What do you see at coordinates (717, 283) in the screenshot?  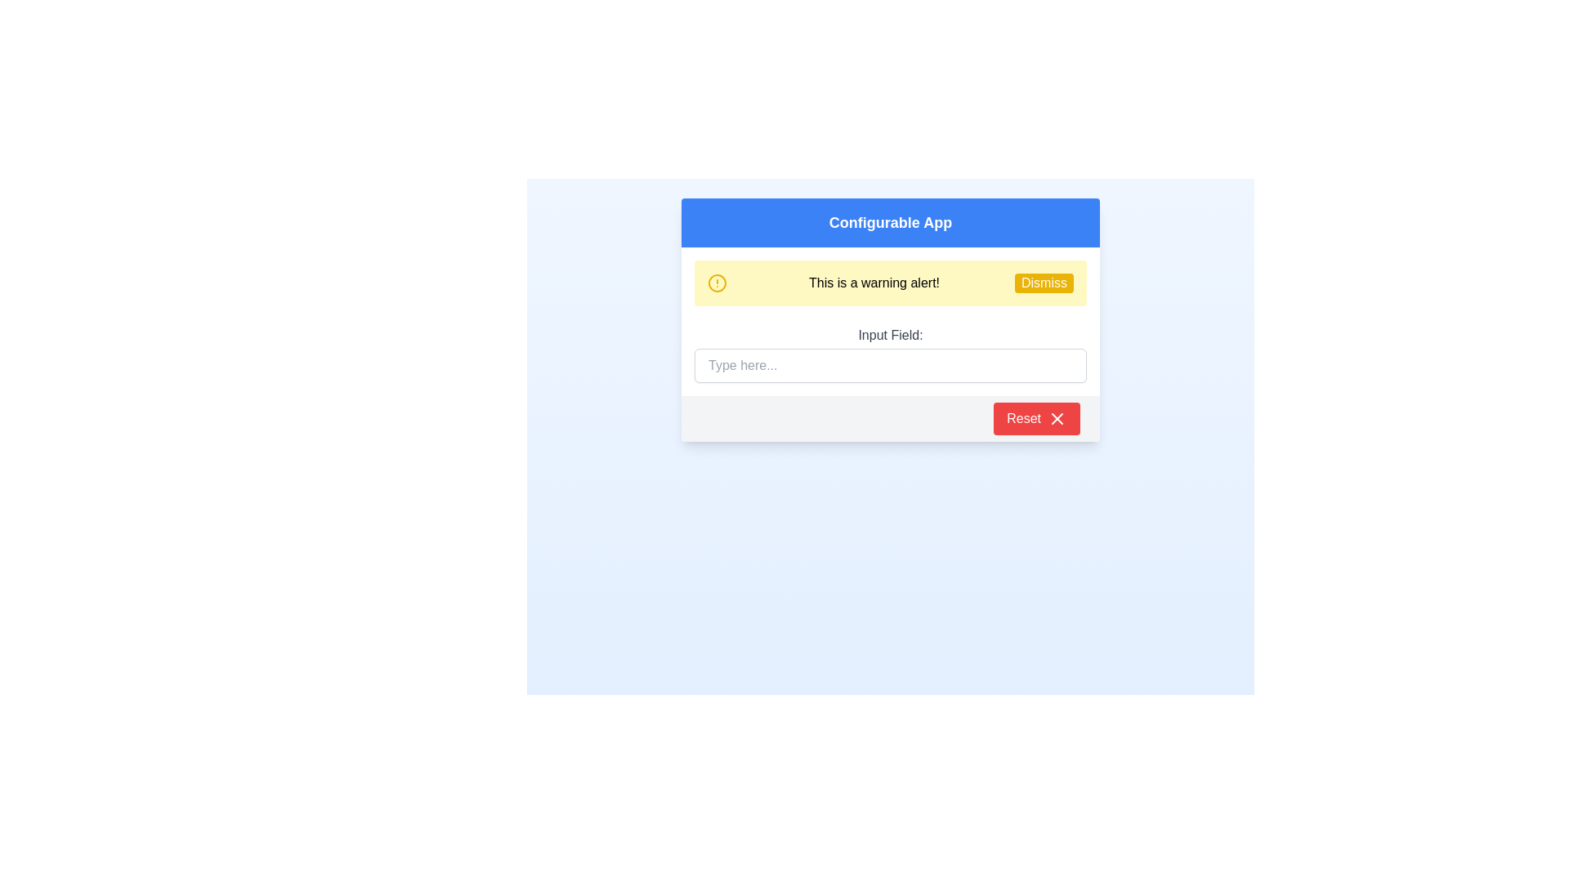 I see `the circular icon with a yellow border and red interior symbol that precedes the text 'This is a warning alert!' on the alert banner` at bounding box center [717, 283].